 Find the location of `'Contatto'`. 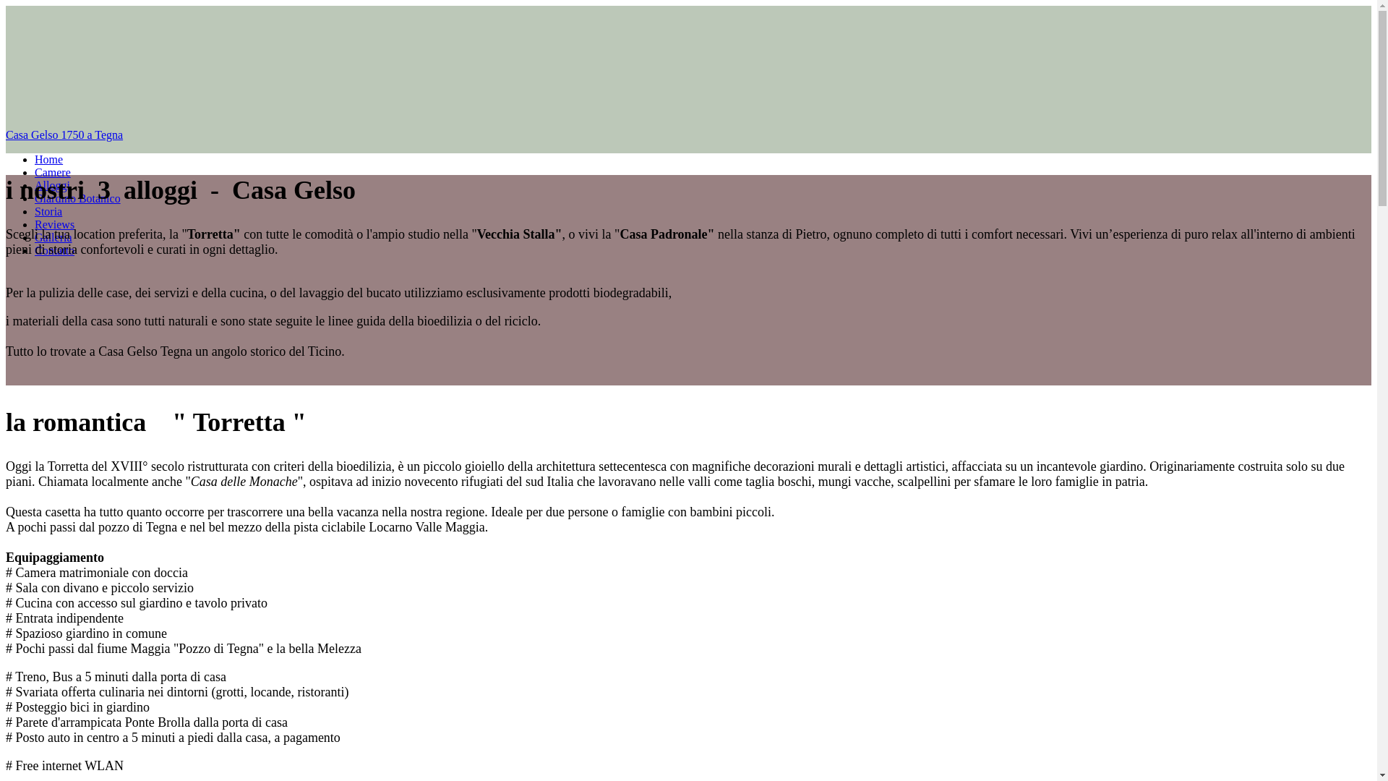

'Contatto' is located at coordinates (54, 249).